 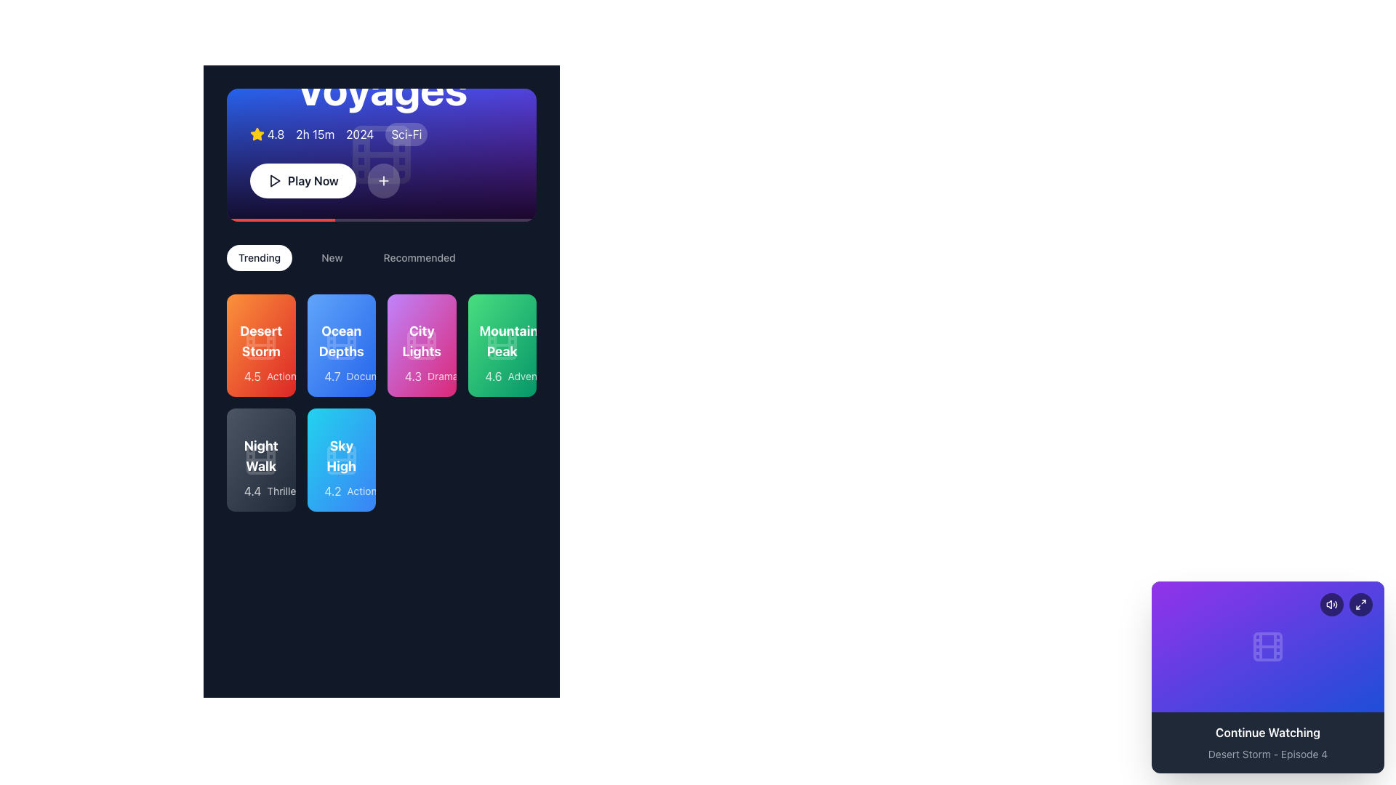 What do you see at coordinates (261, 345) in the screenshot?
I see `the decorative SVG shape (rect element) within the film reel icon located at the center of the first card titled 'Desert Storm' in the grid` at bounding box center [261, 345].